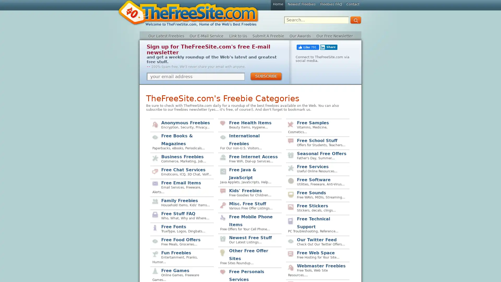 This screenshot has width=501, height=282. I want to click on SUBSCRIBE, so click(266, 76).